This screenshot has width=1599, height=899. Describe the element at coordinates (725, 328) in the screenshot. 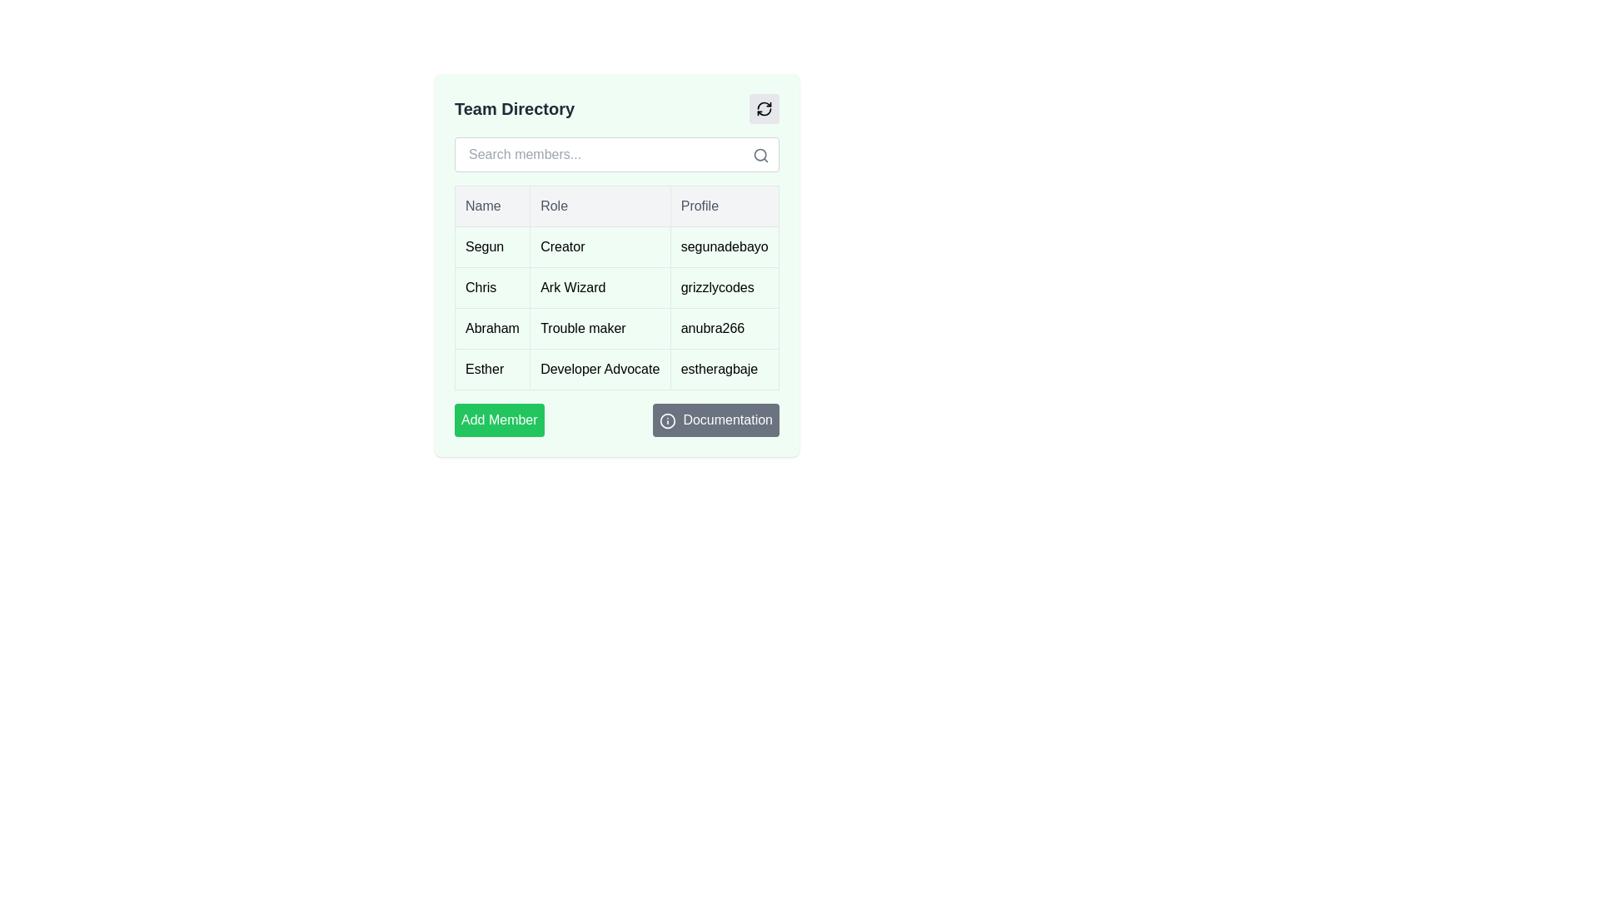

I see `the Text Display that shows the username 'Abraham', which is located in the third row of the 'Profile' column, next to the 'Trouble maker' field in the 'Role' column` at that location.